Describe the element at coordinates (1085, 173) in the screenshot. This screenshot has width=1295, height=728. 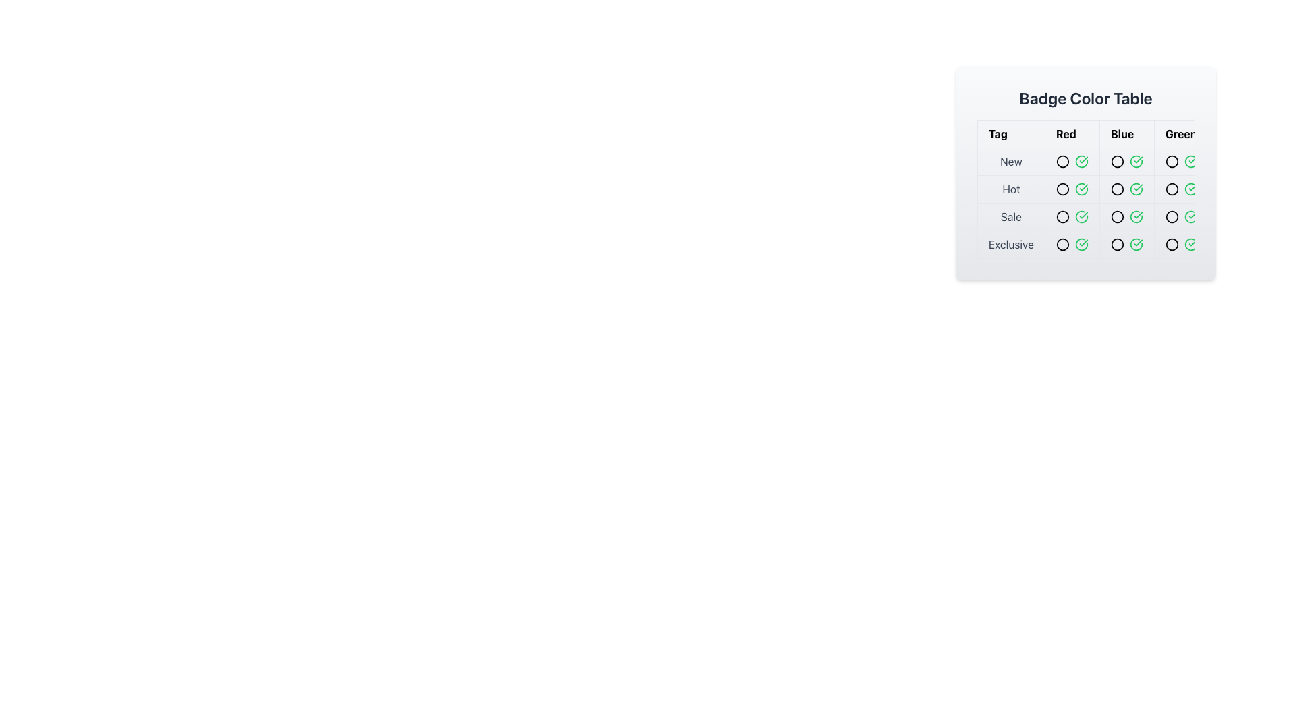
I see `a cell in the 'Badge Color Table' located in the upper-right corner of the interface to interact with the displayed structured data` at that location.